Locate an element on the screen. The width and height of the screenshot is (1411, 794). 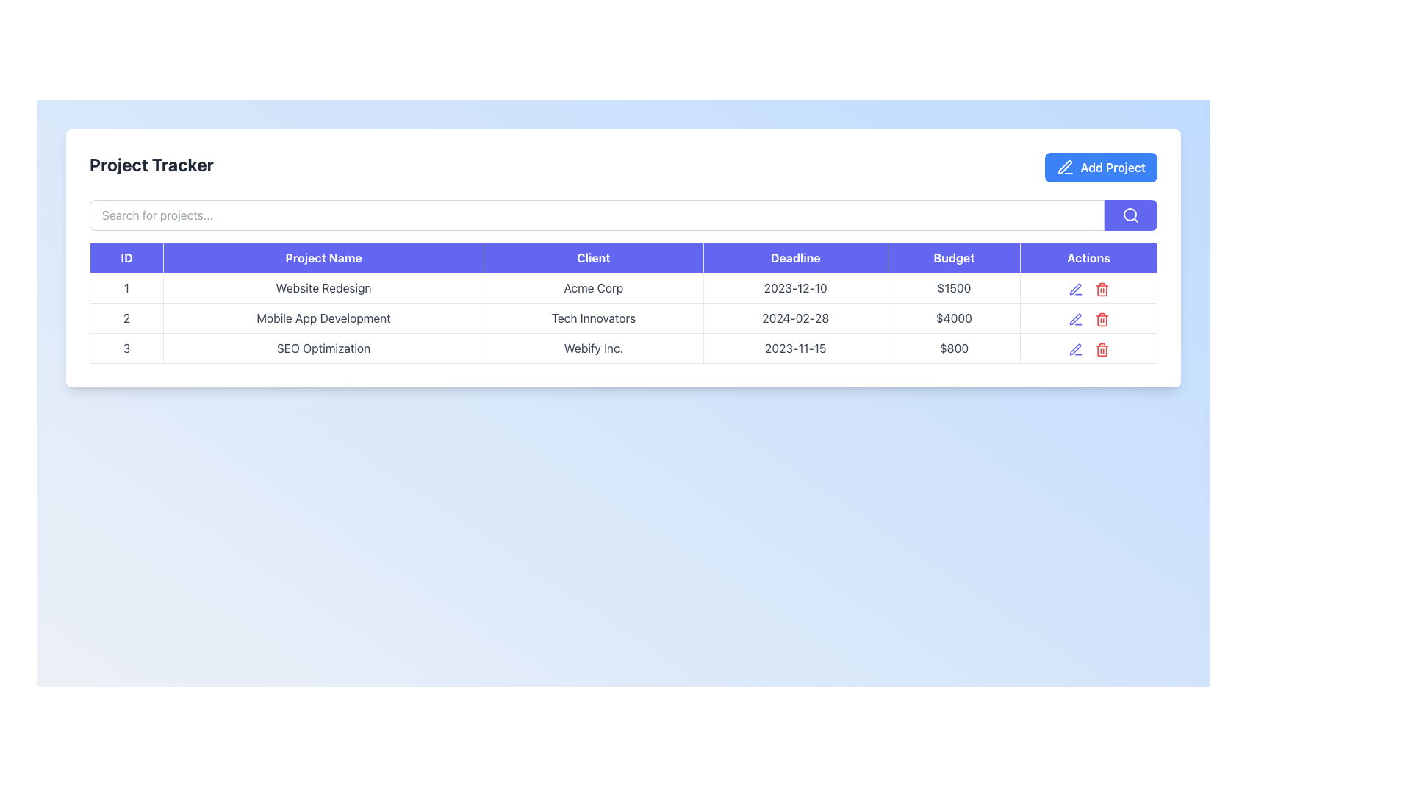
displayed text of the project identifier label located in the first cell of the second row of the table, which corresponds to the project details for 'Mobile App Development' is located at coordinates (126, 317).